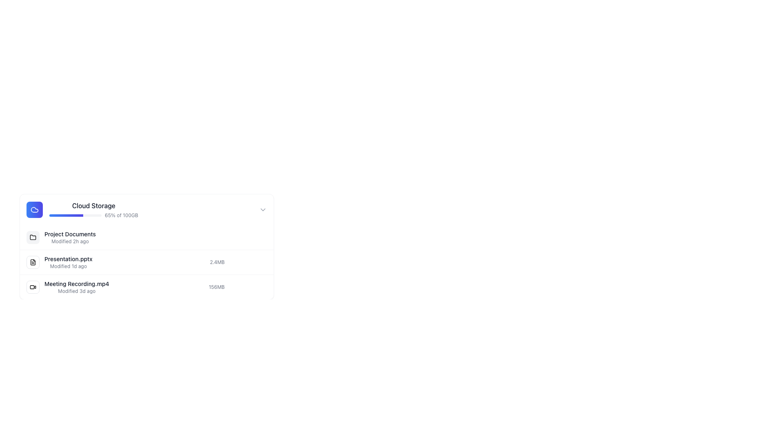 The image size is (783, 440). Describe the element at coordinates (33, 237) in the screenshot. I see `the folder icon in the upper-left section of the file management panel associated with 'Cloud Storage.'` at that location.